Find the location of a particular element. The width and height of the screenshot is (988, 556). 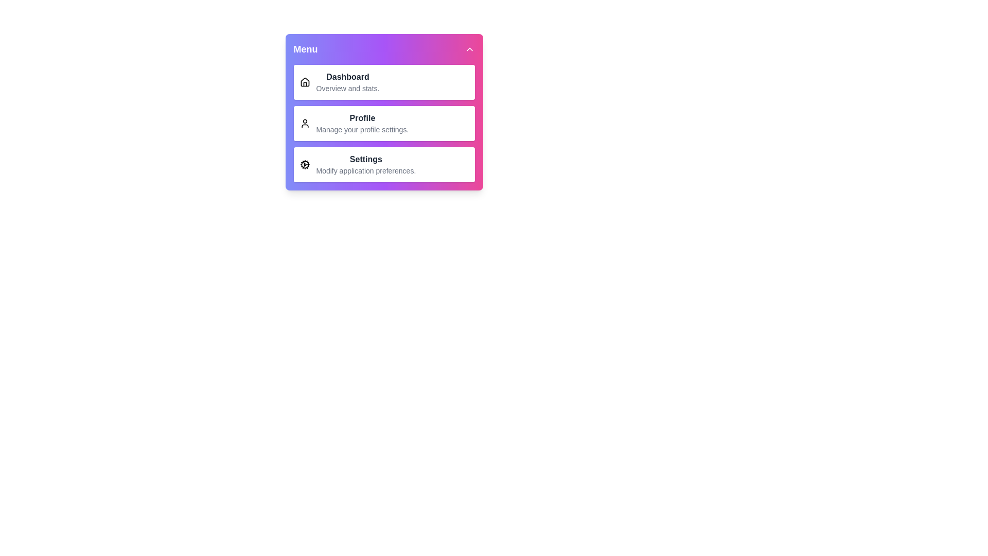

the header of the sidebar menu to toggle its expanded state is located at coordinates (383, 49).